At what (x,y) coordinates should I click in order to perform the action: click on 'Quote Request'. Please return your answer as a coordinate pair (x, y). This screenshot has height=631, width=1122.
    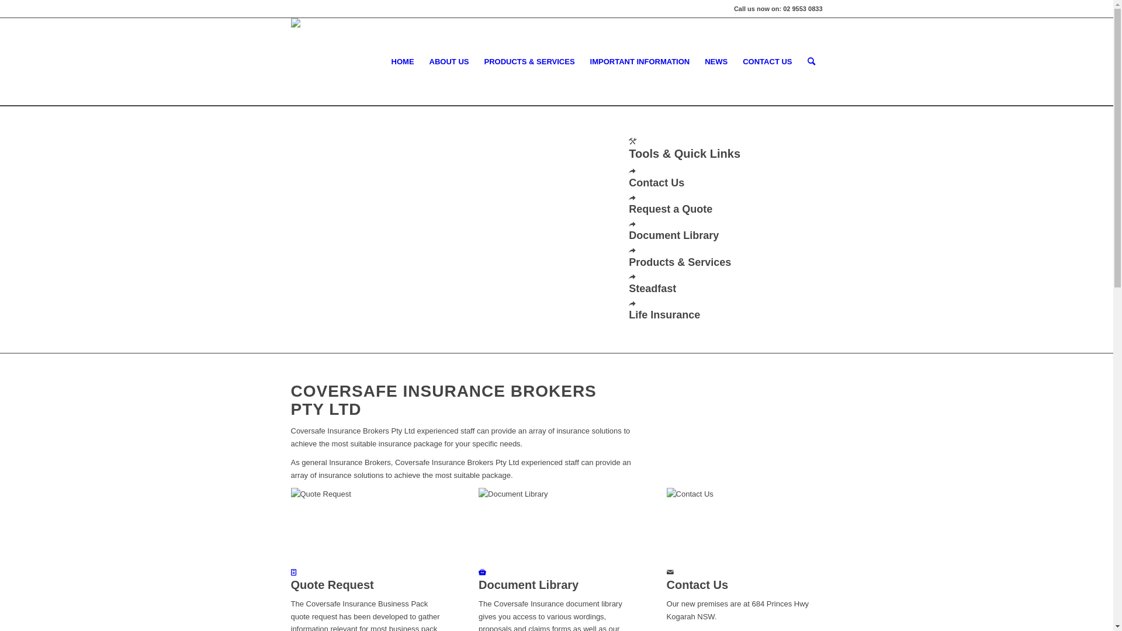
    Looking at the image, I should click on (368, 526).